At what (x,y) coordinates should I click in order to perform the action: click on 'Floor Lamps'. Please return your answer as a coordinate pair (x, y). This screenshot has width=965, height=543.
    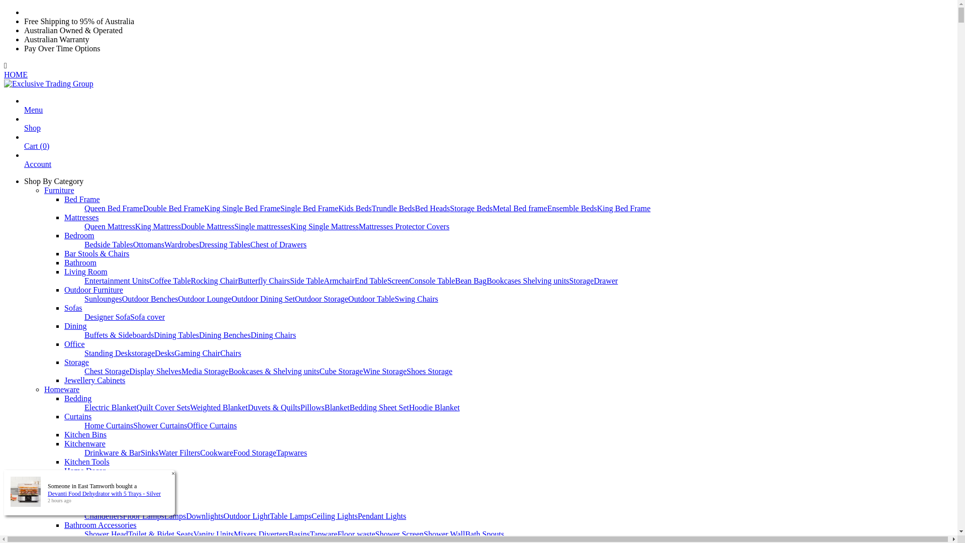
    Looking at the image, I should click on (142, 516).